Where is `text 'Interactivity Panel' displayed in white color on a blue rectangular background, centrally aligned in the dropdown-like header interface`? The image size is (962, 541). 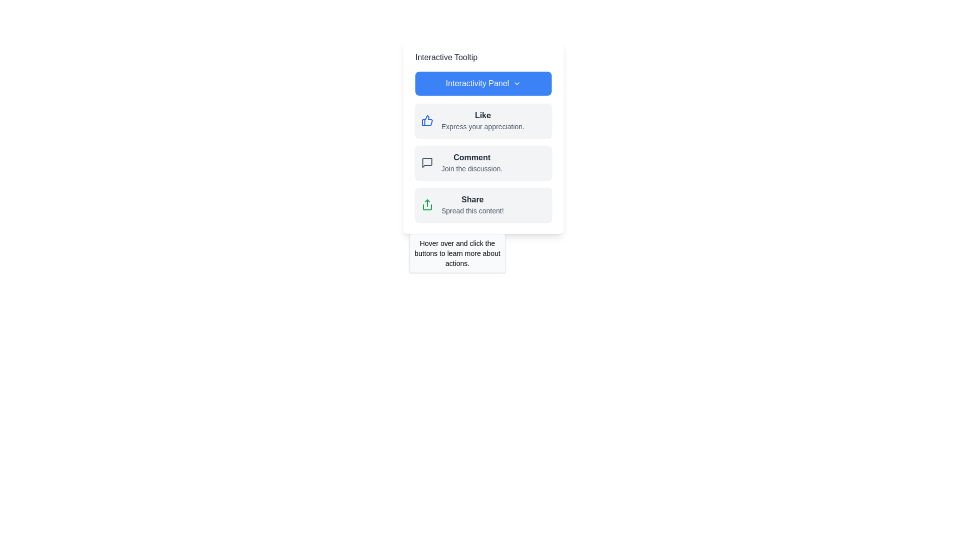 text 'Interactivity Panel' displayed in white color on a blue rectangular background, centrally aligned in the dropdown-like header interface is located at coordinates (477, 83).